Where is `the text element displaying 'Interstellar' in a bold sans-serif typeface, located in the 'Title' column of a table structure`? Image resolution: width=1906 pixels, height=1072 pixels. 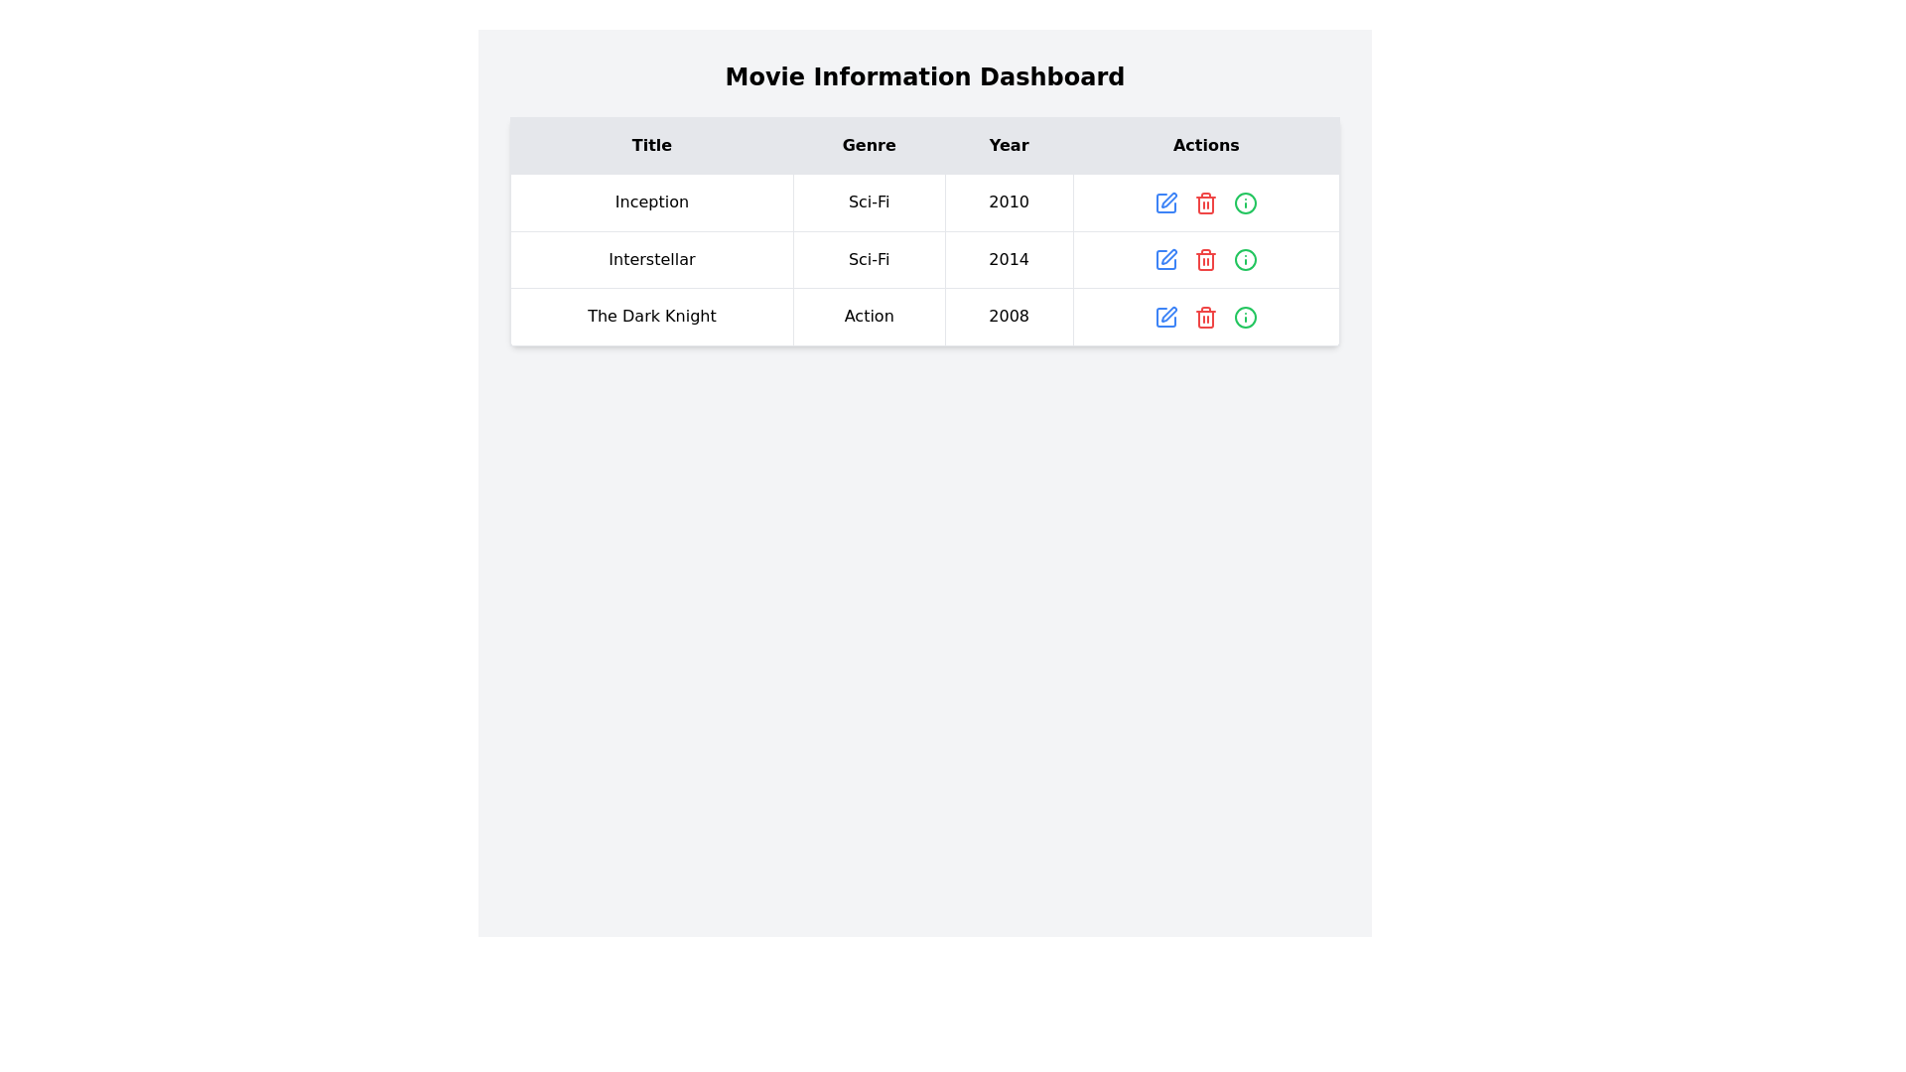 the text element displaying 'Interstellar' in a bold sans-serif typeface, located in the 'Title' column of a table structure is located at coordinates (652, 258).